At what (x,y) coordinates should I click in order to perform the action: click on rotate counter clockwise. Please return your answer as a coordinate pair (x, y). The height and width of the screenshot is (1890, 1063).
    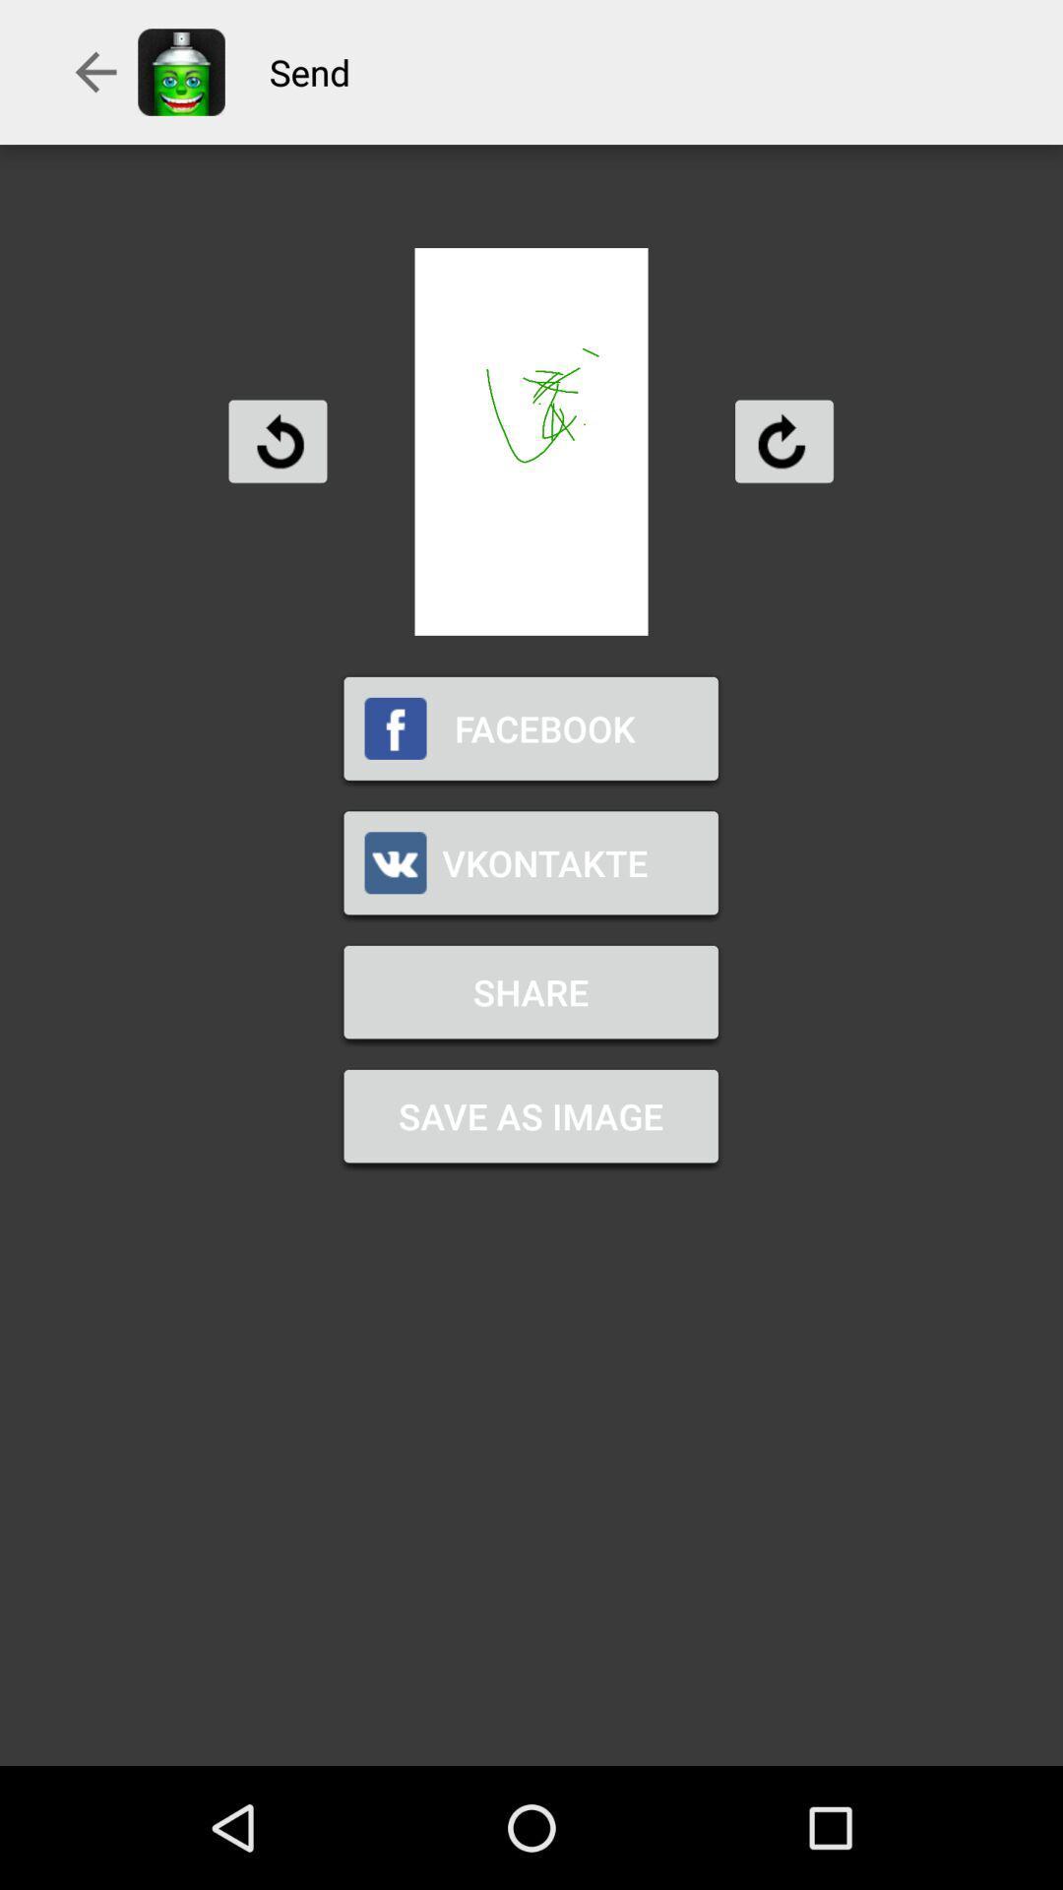
    Looking at the image, I should click on (278, 440).